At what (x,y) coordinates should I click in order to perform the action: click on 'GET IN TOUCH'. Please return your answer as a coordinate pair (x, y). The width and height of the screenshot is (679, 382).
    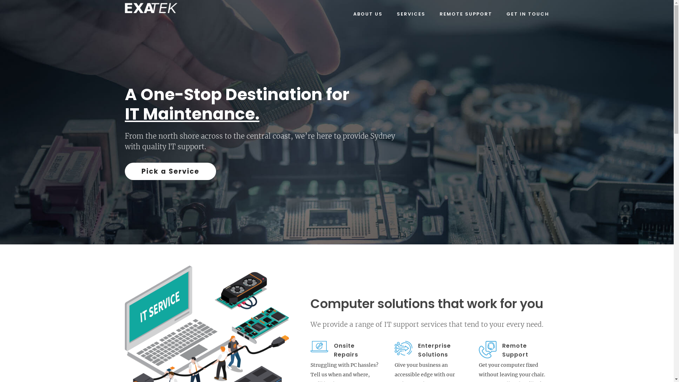
    Looking at the image, I should click on (528, 14).